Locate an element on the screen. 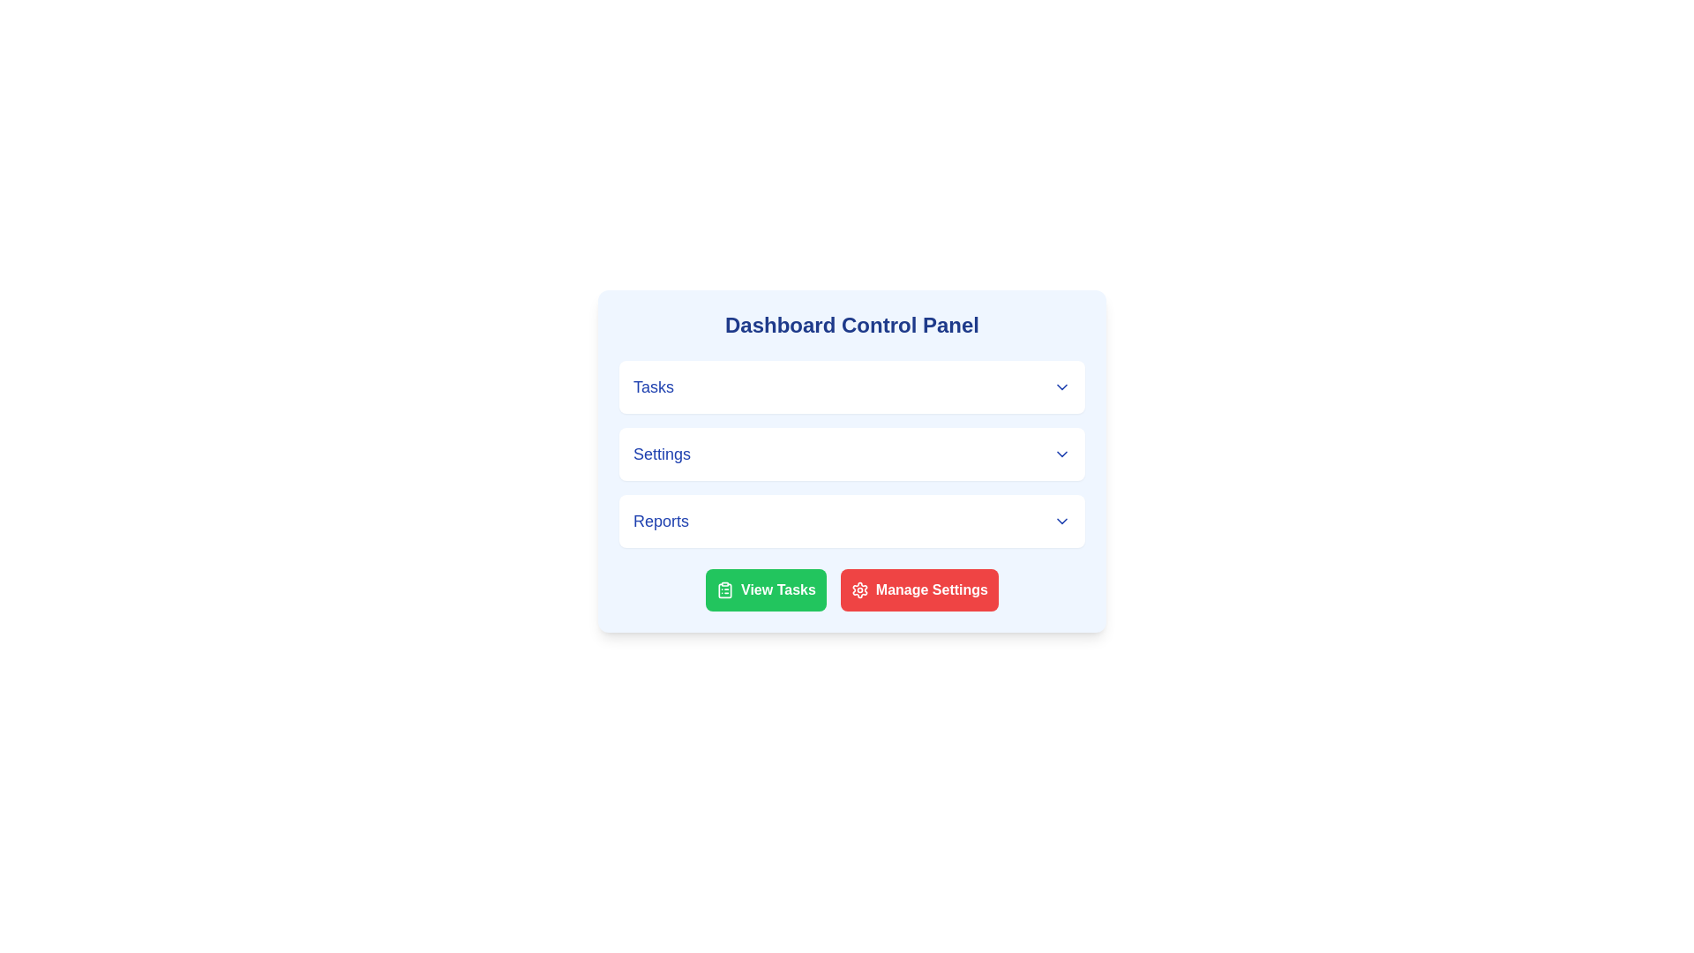  the 'Settings' dropdown trigger located in the Dashboard Control Panel is located at coordinates (851, 454).